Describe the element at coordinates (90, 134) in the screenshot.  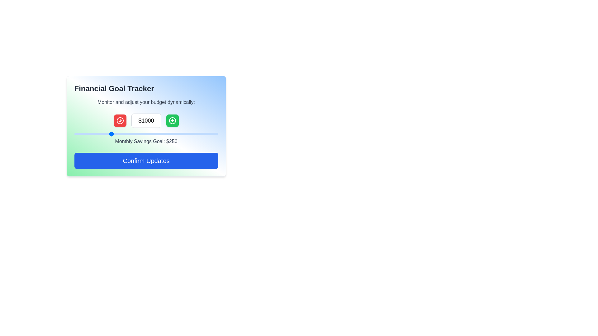
I see `the monthly savings goal` at that location.